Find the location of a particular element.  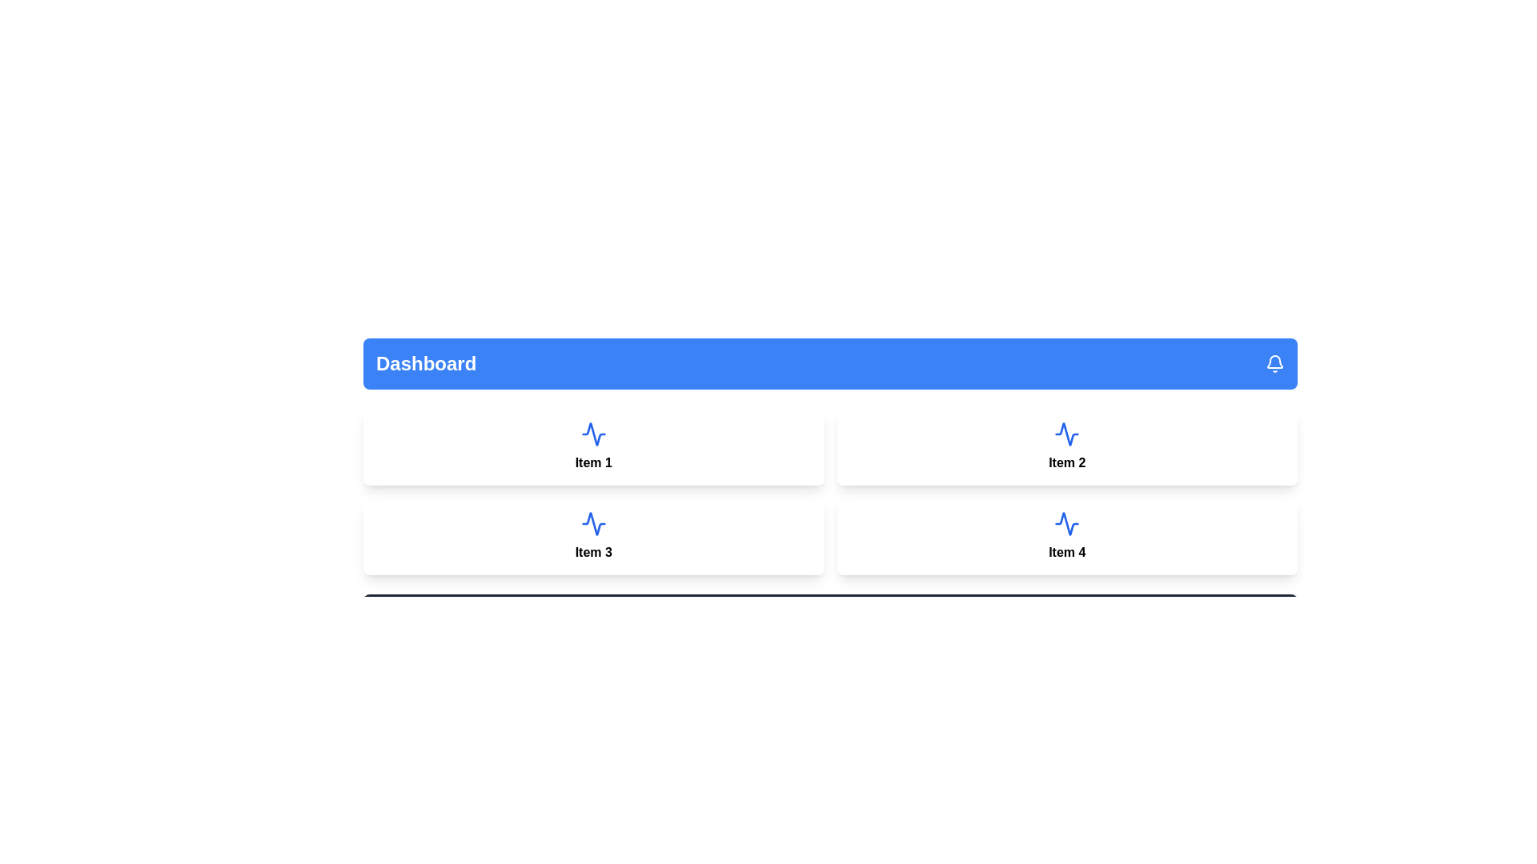

the activity waveform icon located in the upper section of the top-left card ('Item 1') in the grid is located at coordinates (592, 434).